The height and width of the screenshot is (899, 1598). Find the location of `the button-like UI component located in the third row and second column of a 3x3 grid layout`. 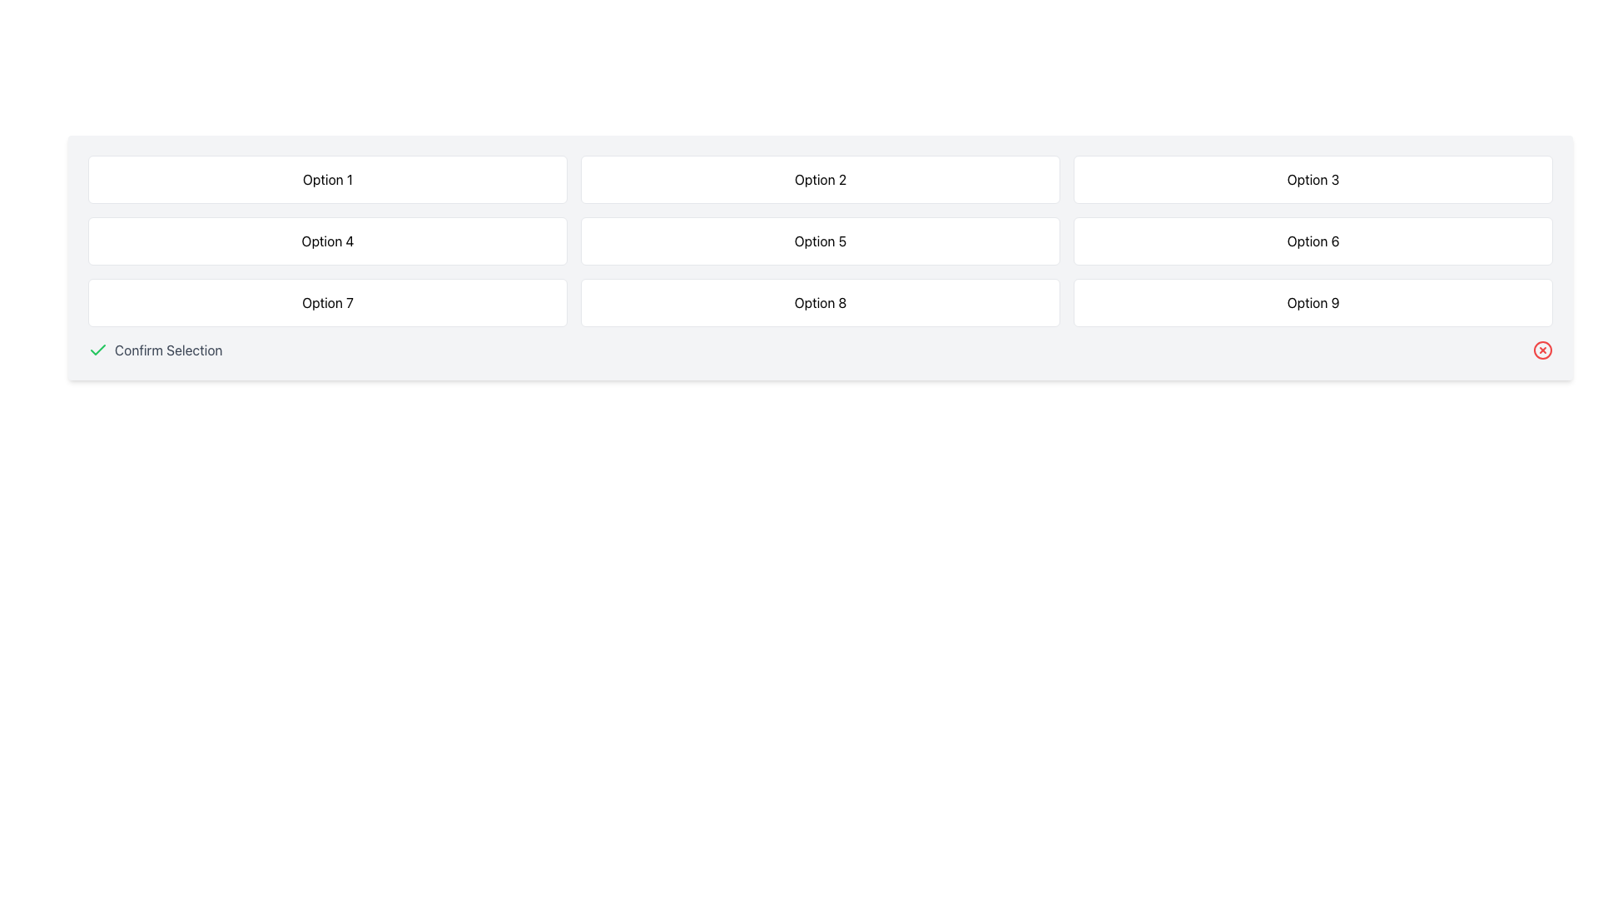

the button-like UI component located in the third row and second column of a 3x3 grid layout is located at coordinates (820, 302).